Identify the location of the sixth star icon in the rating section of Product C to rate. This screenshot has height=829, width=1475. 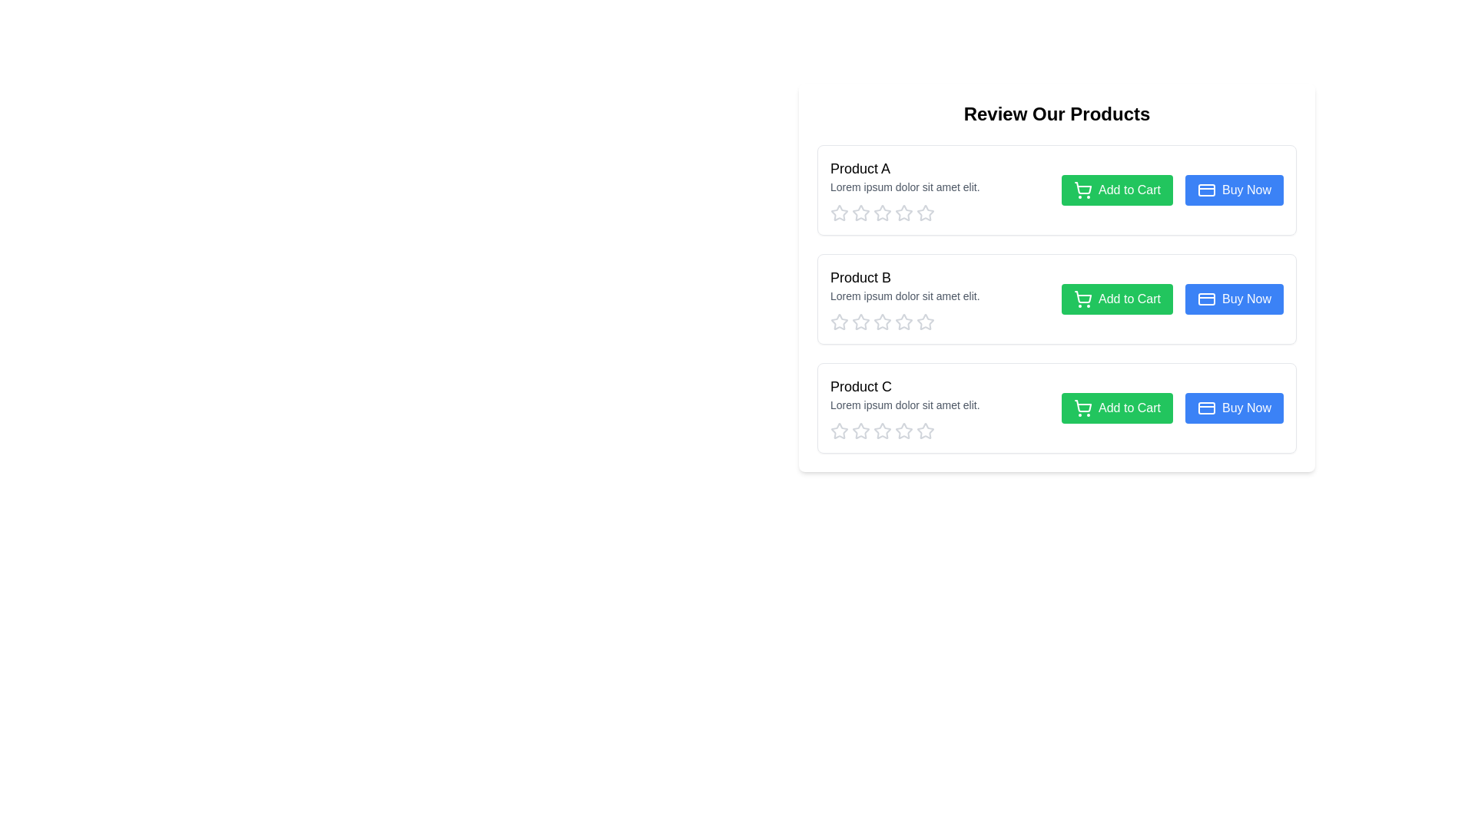
(903, 431).